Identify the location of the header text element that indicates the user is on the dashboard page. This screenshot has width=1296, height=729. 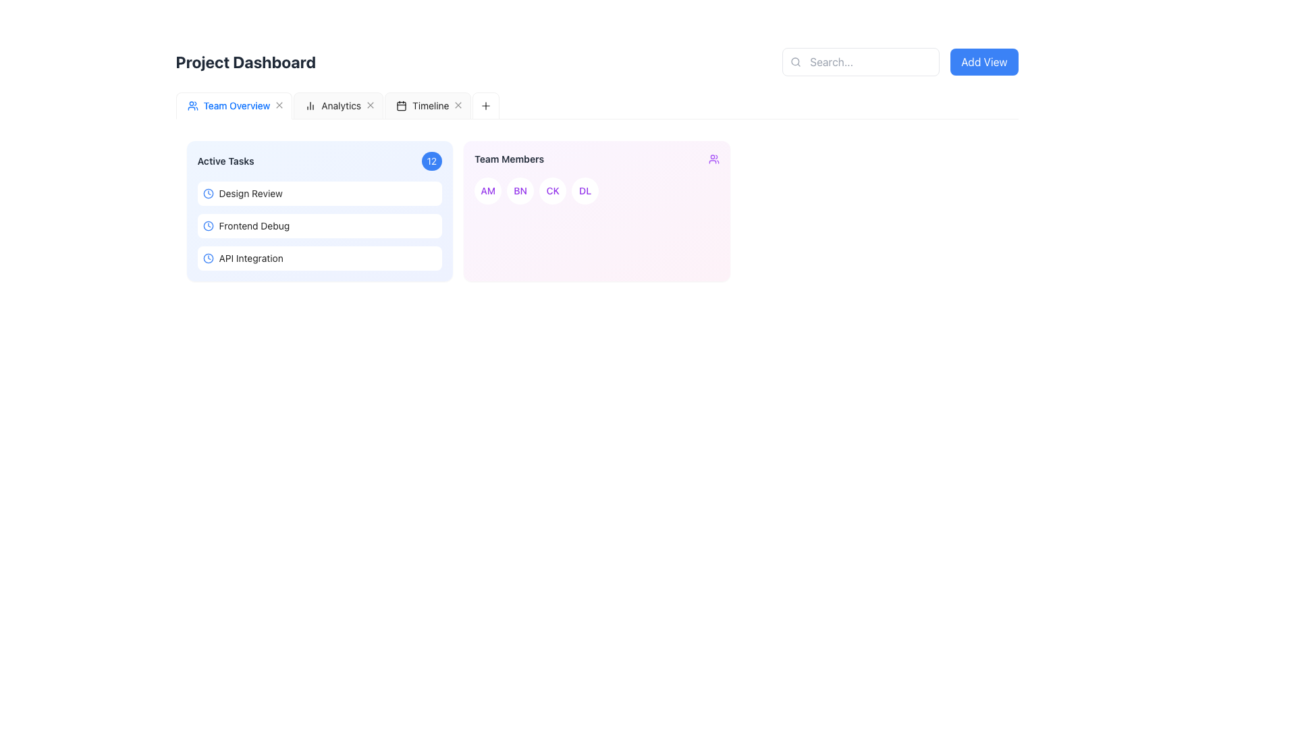
(246, 62).